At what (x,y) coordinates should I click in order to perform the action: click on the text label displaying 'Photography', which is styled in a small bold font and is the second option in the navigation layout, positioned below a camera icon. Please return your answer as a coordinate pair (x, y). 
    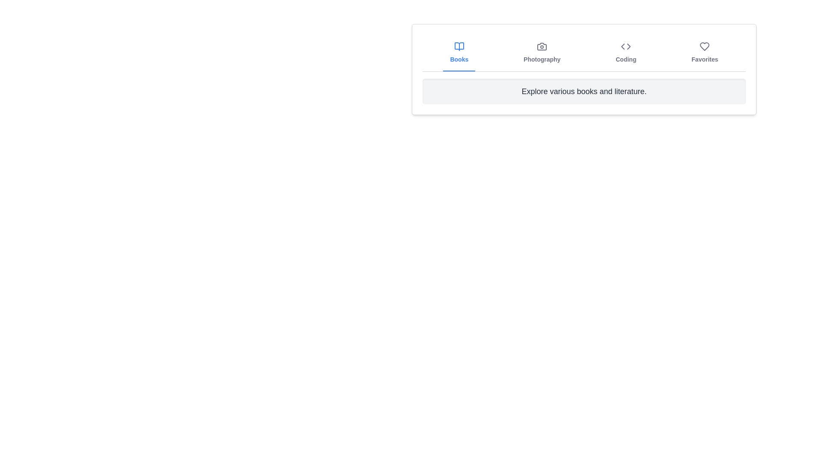
    Looking at the image, I should click on (542, 59).